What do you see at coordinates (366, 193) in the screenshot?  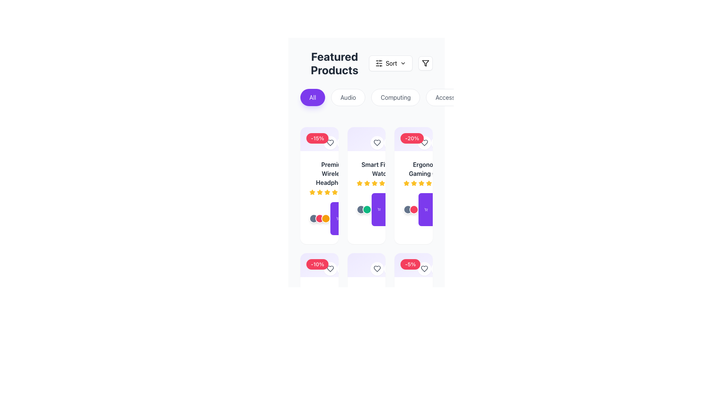 I see `the 'Smart Fitness Watch' Product Card` at bounding box center [366, 193].